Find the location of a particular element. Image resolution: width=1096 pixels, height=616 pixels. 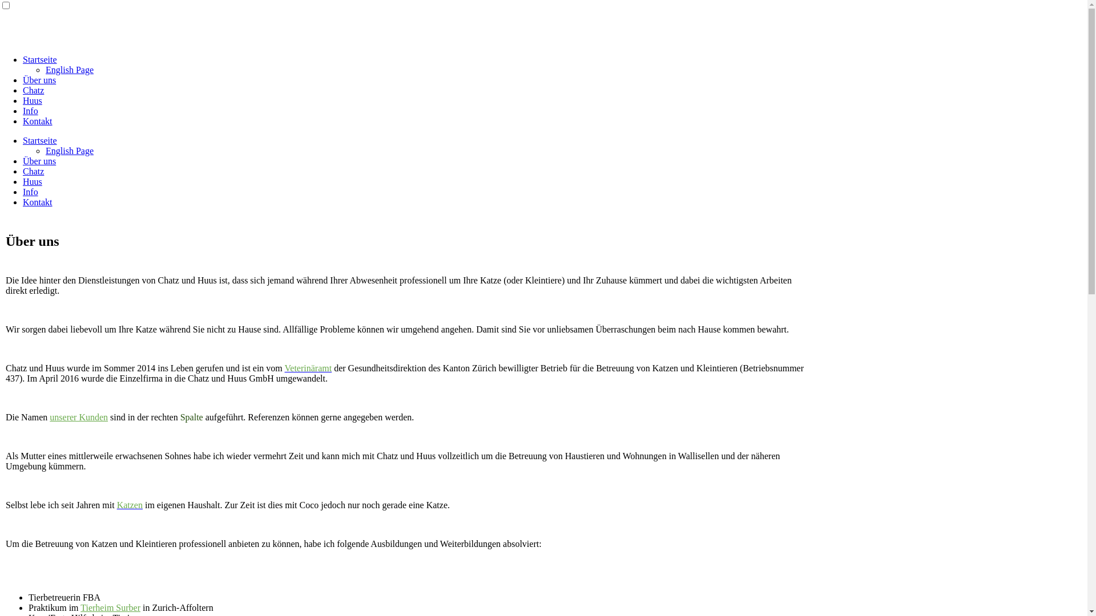

'Startseite' is located at coordinates (22, 59).